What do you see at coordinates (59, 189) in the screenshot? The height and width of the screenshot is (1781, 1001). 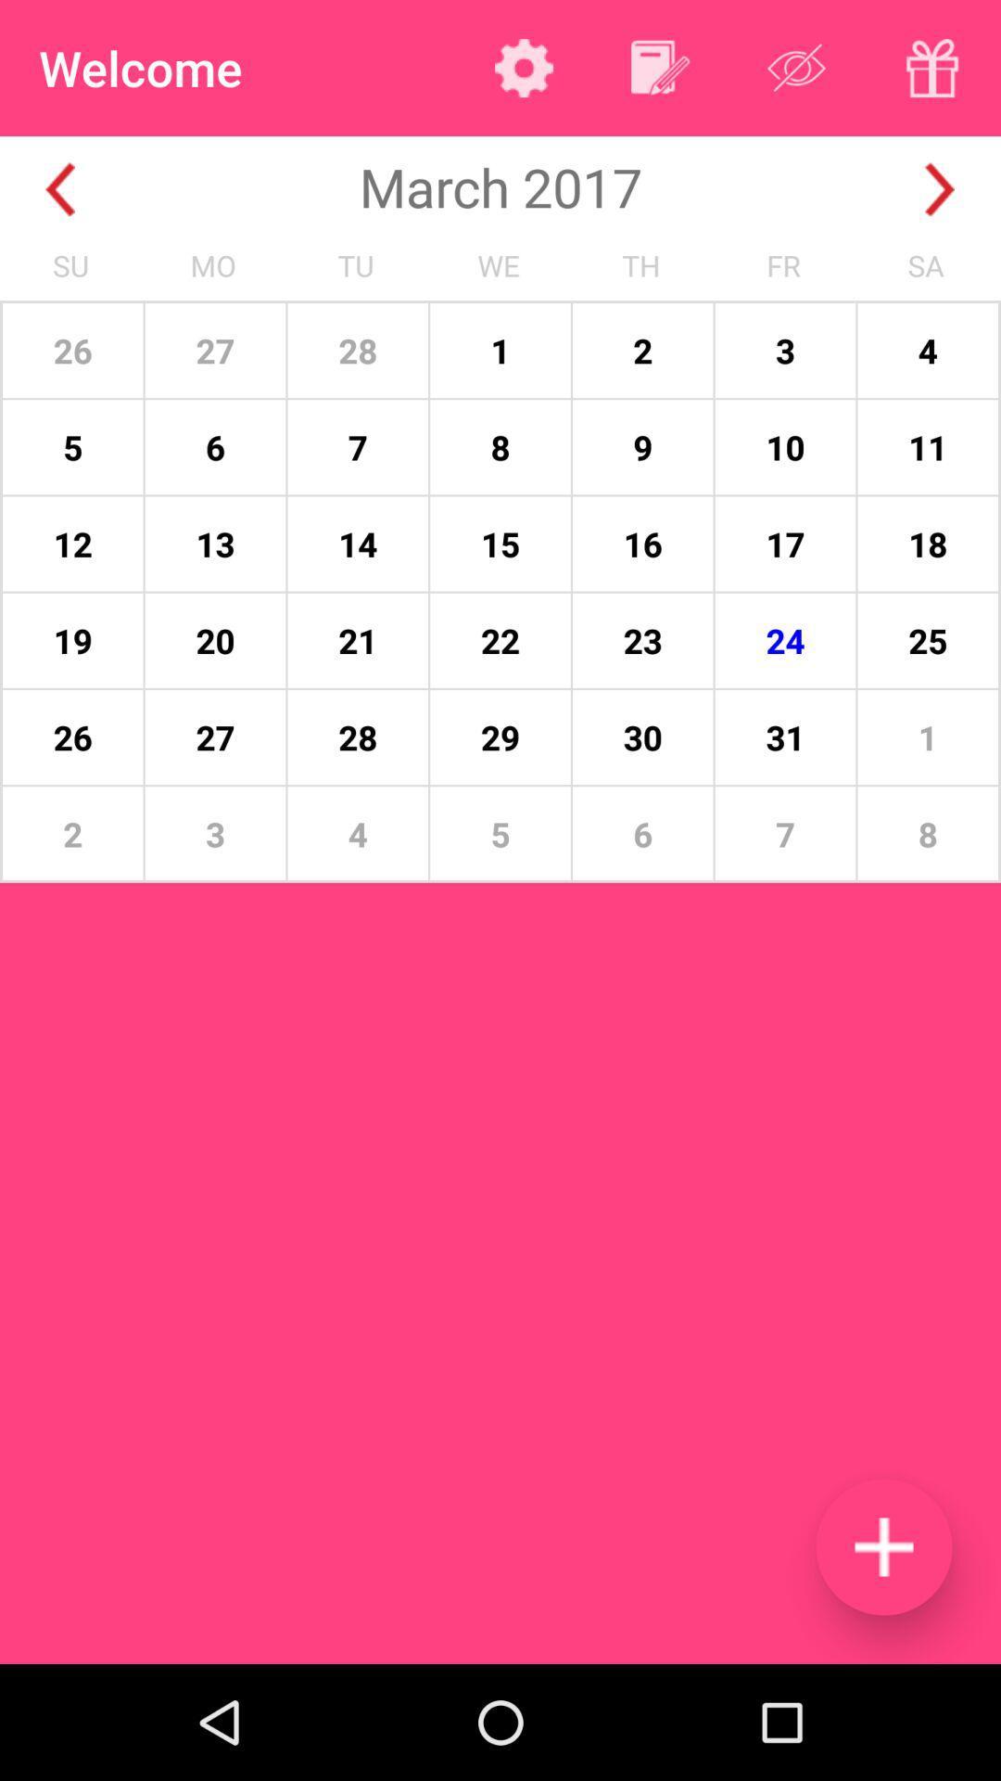 I see `go back` at bounding box center [59, 189].